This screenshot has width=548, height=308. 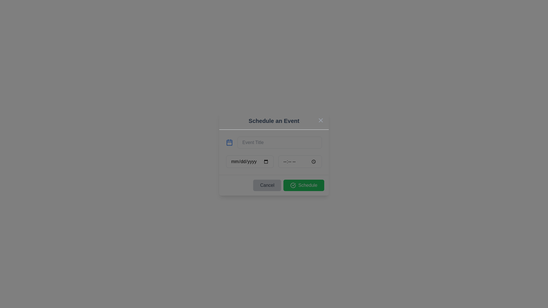 I want to click on a time from the dropdown menu in the Time input field located in the 'Schedule an Event' dialog box, positioned to the right of the date input field, so click(x=300, y=162).